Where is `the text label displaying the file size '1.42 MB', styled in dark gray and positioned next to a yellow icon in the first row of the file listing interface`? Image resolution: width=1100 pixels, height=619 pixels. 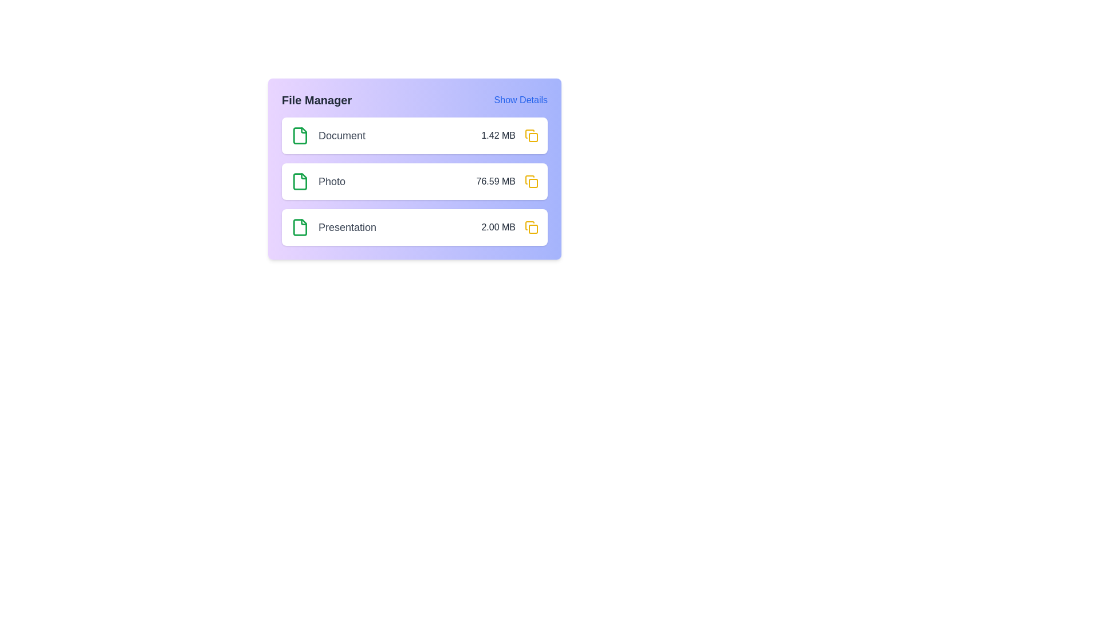 the text label displaying the file size '1.42 MB', styled in dark gray and positioned next to a yellow icon in the first row of the file listing interface is located at coordinates (509, 135).